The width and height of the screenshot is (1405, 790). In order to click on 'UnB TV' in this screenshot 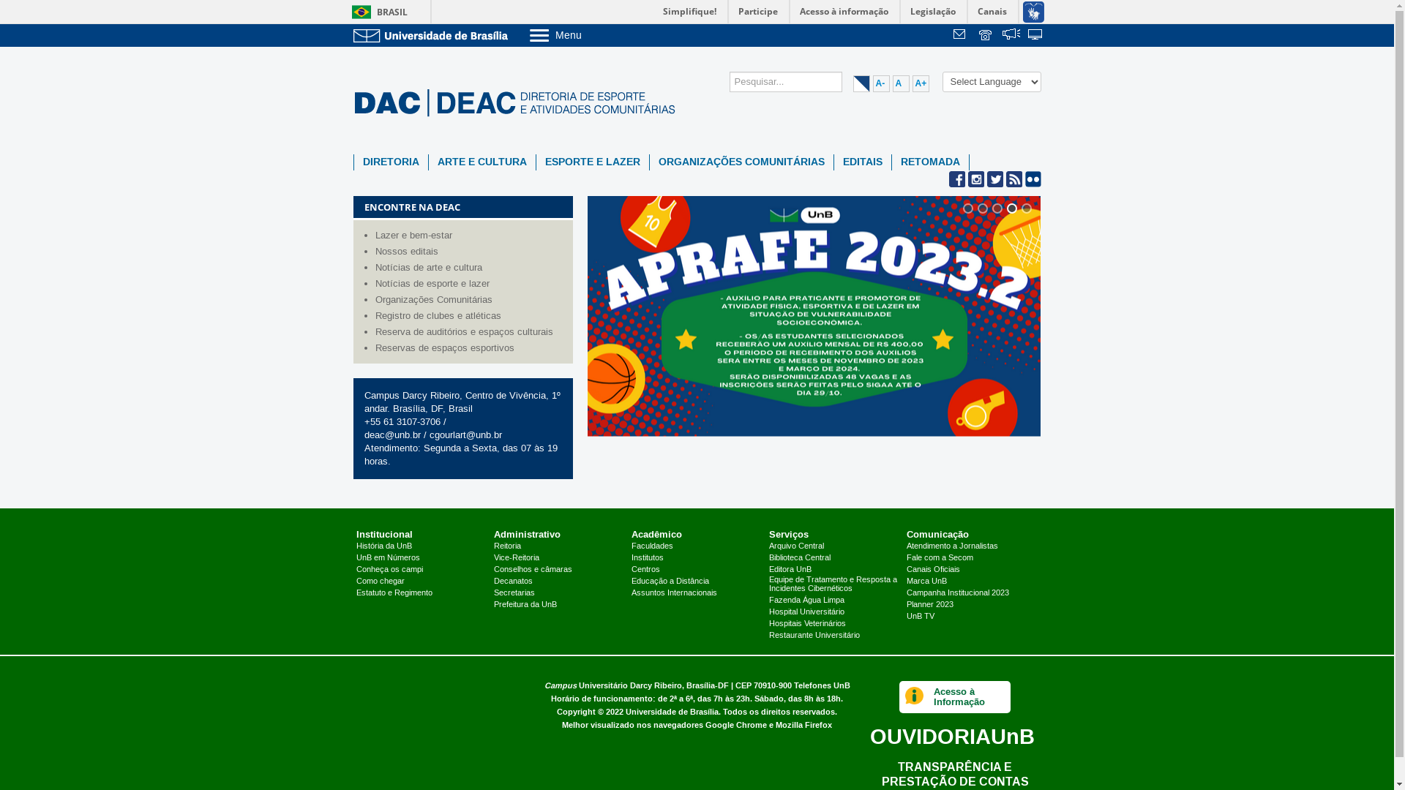, I will do `click(905, 617)`.